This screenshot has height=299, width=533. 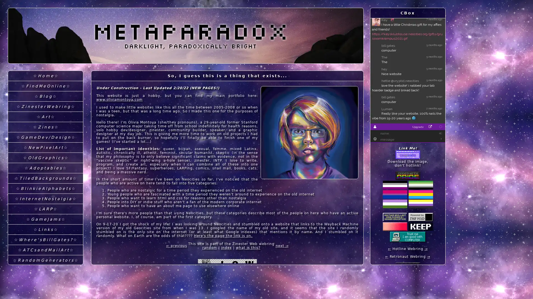 What do you see at coordinates (45, 188) in the screenshot?
I see `B l i n k i e A l p h a b e t s` at bounding box center [45, 188].